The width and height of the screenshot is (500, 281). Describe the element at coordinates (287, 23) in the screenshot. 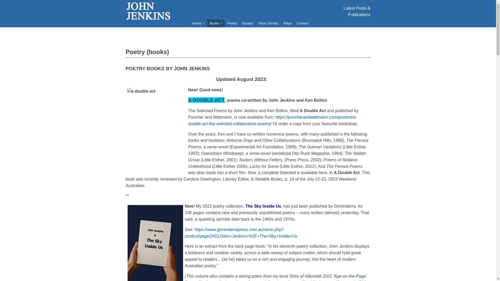

I see `'Plays'` at that location.